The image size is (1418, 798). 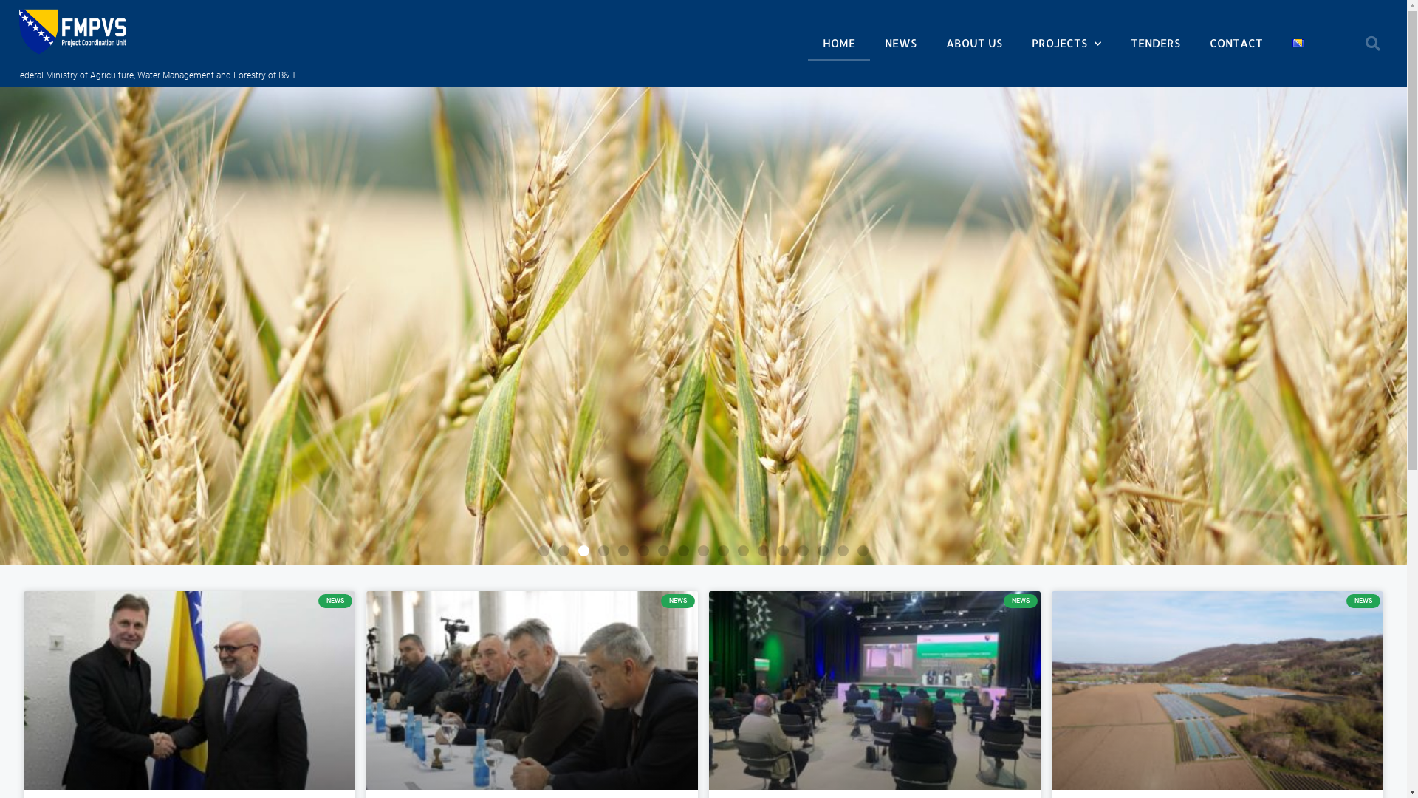 I want to click on 'NEWS', so click(x=900, y=42).